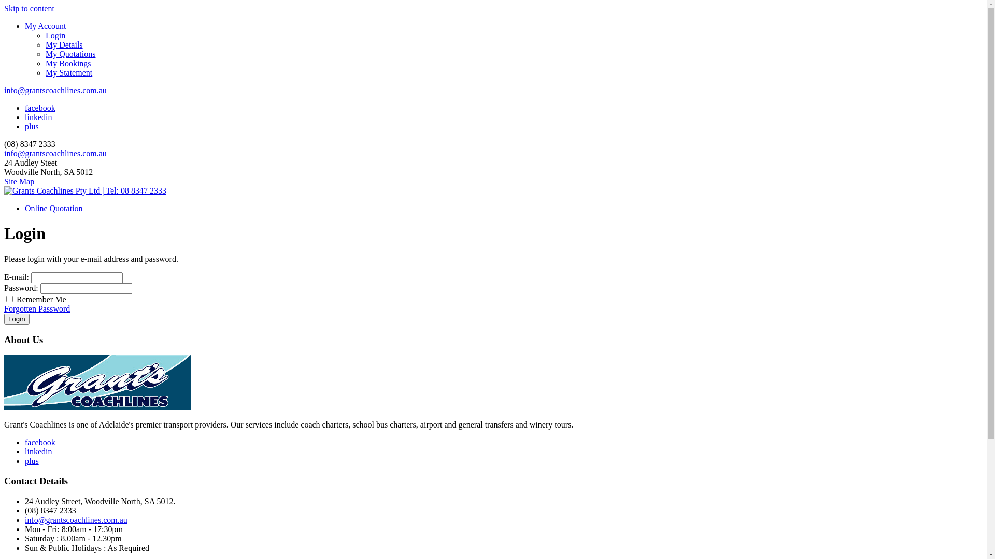  Describe the element at coordinates (76, 520) in the screenshot. I see `'info@grantscoachlines.com.au'` at that location.